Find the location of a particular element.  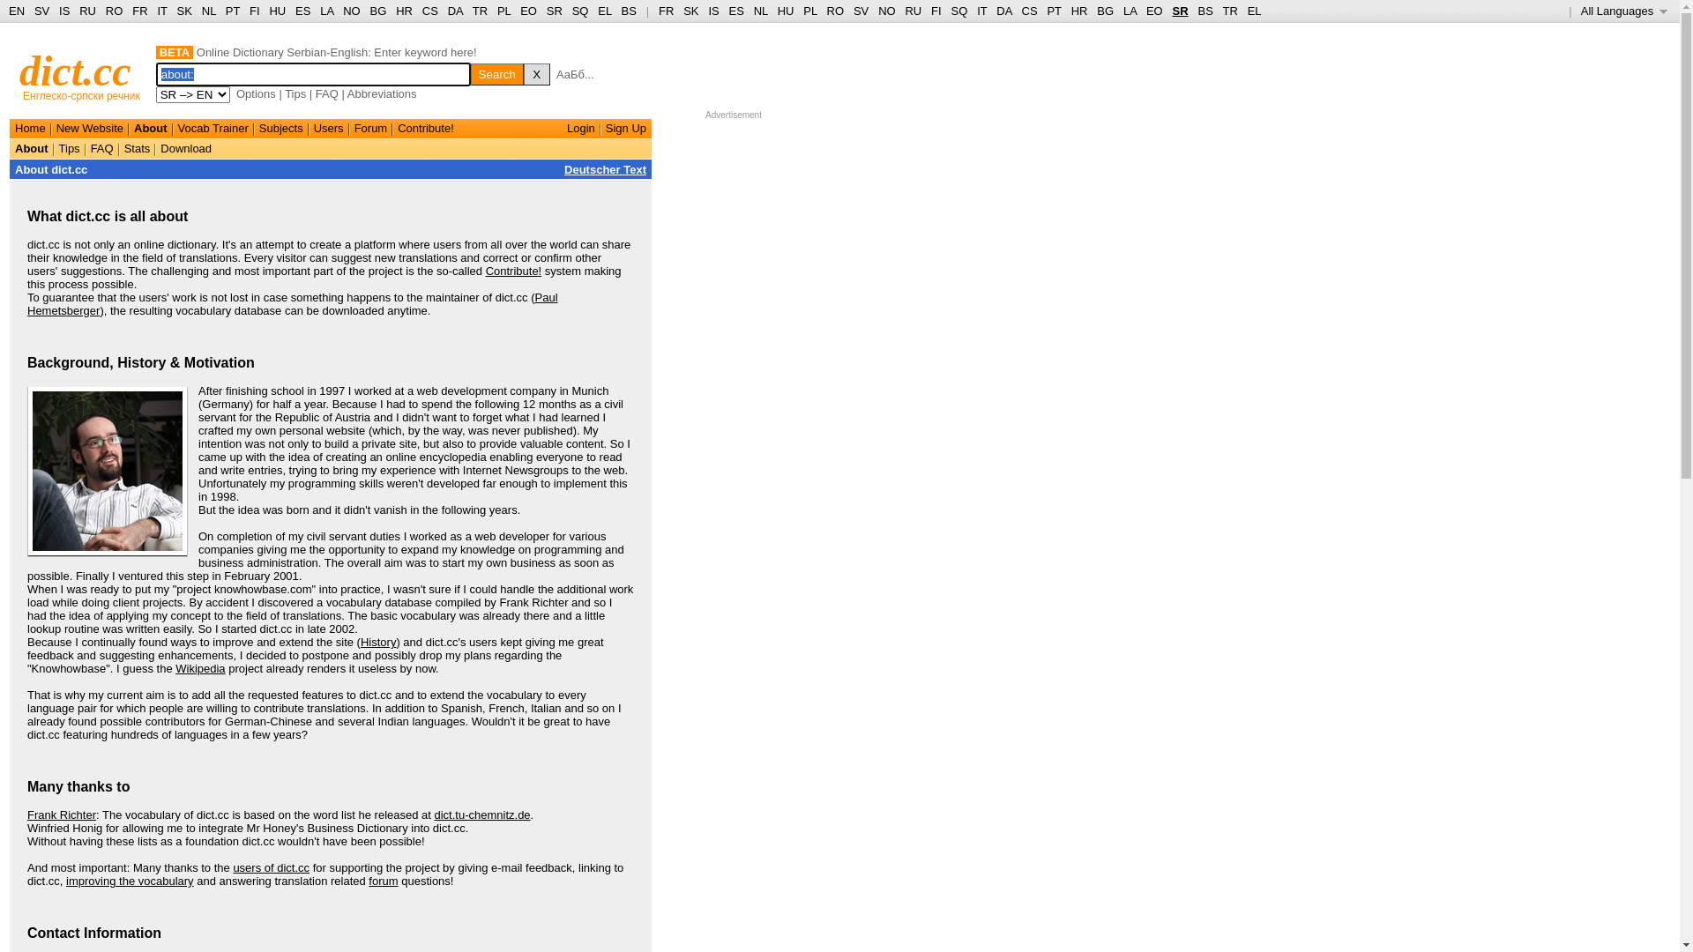

'Subjects' is located at coordinates (280, 127).